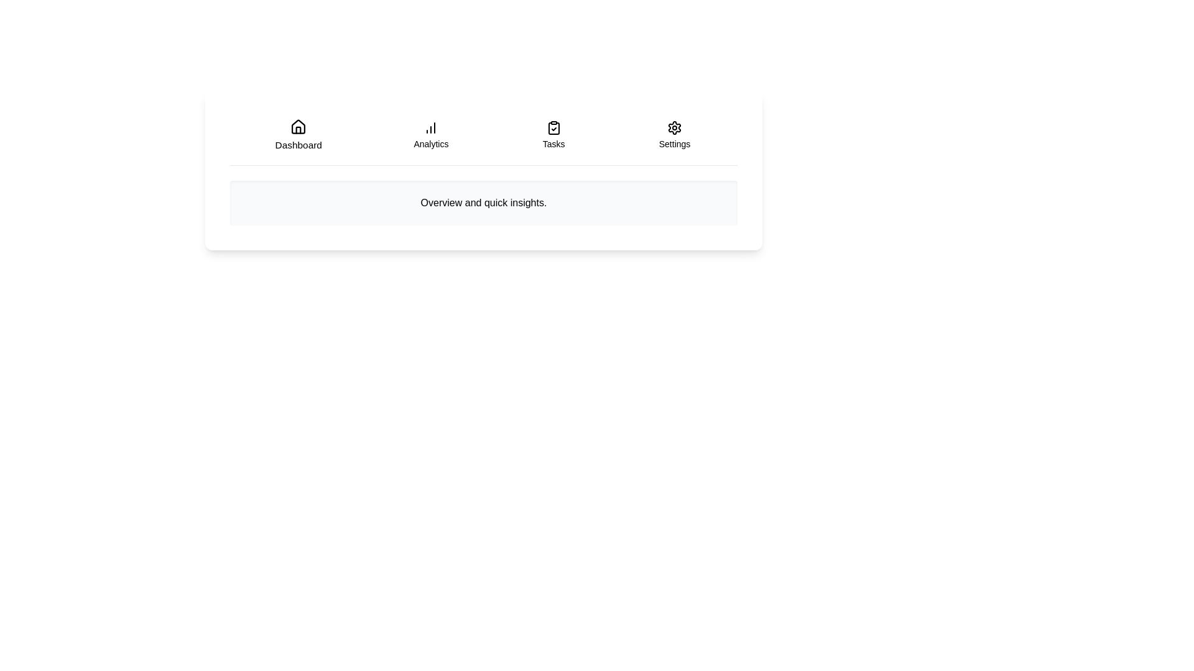 Image resolution: width=1194 pixels, height=671 pixels. What do you see at coordinates (297, 127) in the screenshot?
I see `the 'Dashboard' icon located in the top-left corner of the navigation bar, which visually represents the 'Dashboard' section` at bounding box center [297, 127].